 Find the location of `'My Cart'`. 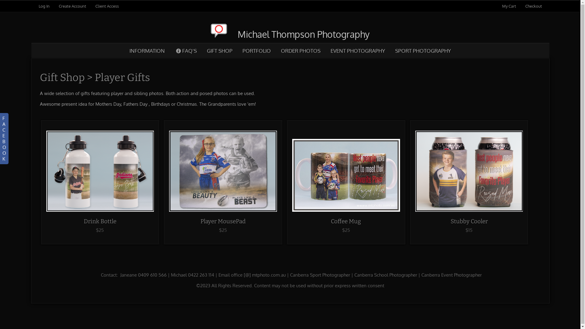

'My Cart' is located at coordinates (509, 6).